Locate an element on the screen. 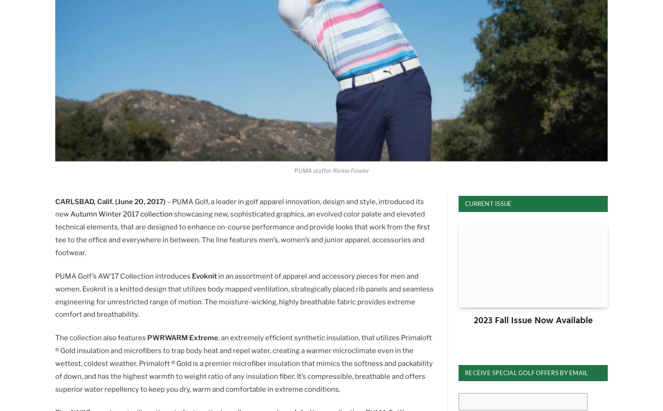 The image size is (663, 411). 'Autumn Winter 2017 collection' is located at coordinates (121, 214).